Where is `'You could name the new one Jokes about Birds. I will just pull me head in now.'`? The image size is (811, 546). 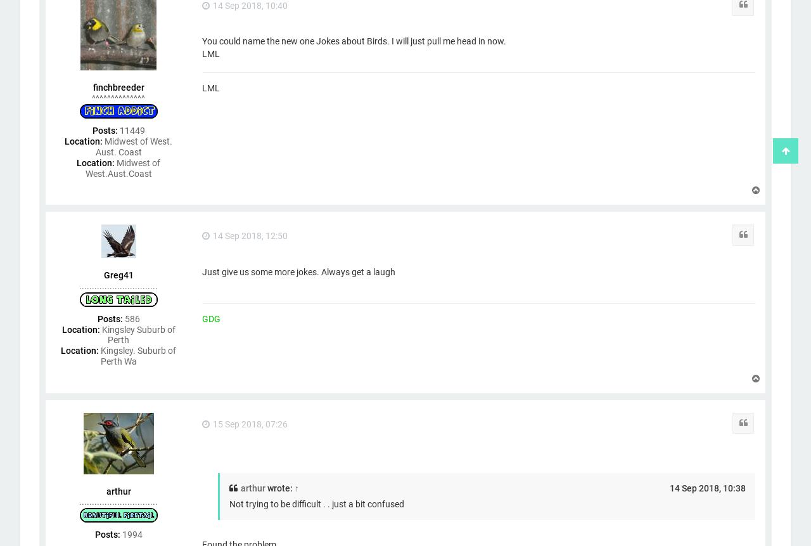 'You could name the new one Jokes about Birds. I will just pull me head in now.' is located at coordinates (354, 41).